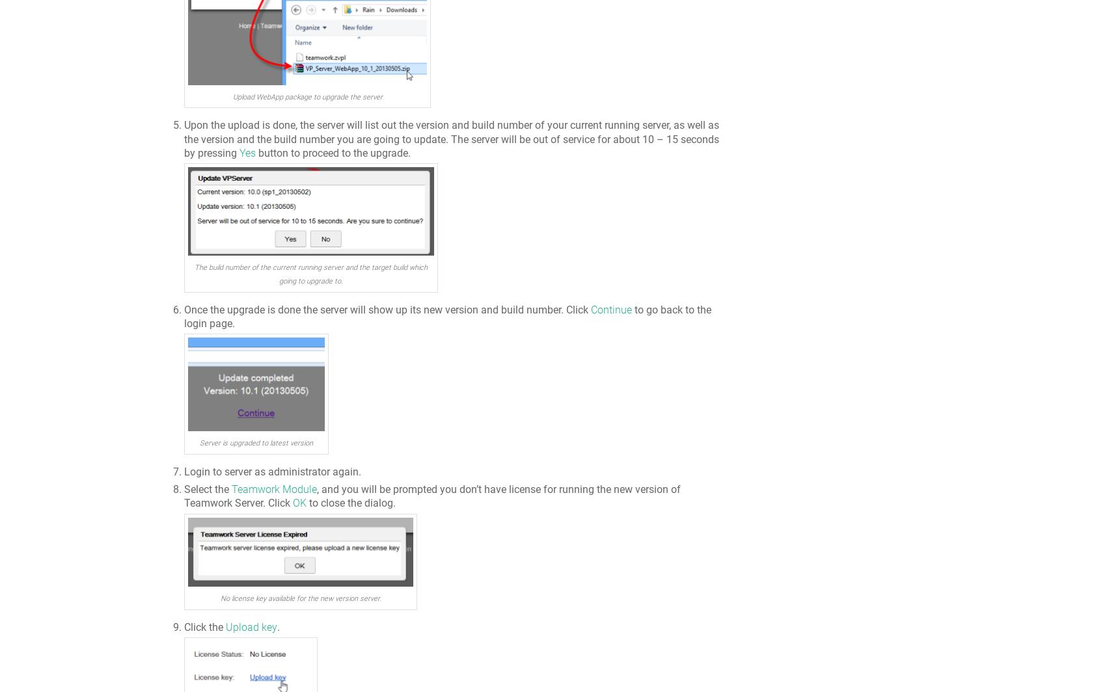 The width and height of the screenshot is (1096, 692). I want to click on 'Upload WebApp package to upgrade the server', so click(307, 96).